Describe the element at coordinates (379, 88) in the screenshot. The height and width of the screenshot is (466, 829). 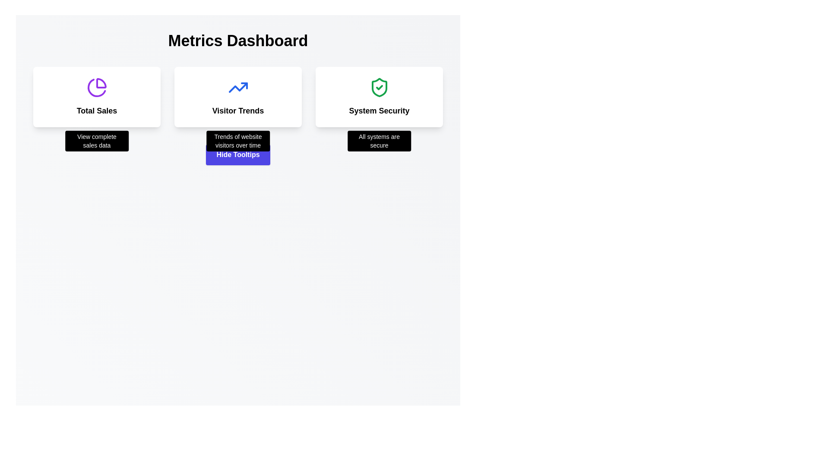
I see `system security icon located in the top section of the 'System Security' card, which is the third card in the row beneath the 'Metrics Dashboard' header` at that location.